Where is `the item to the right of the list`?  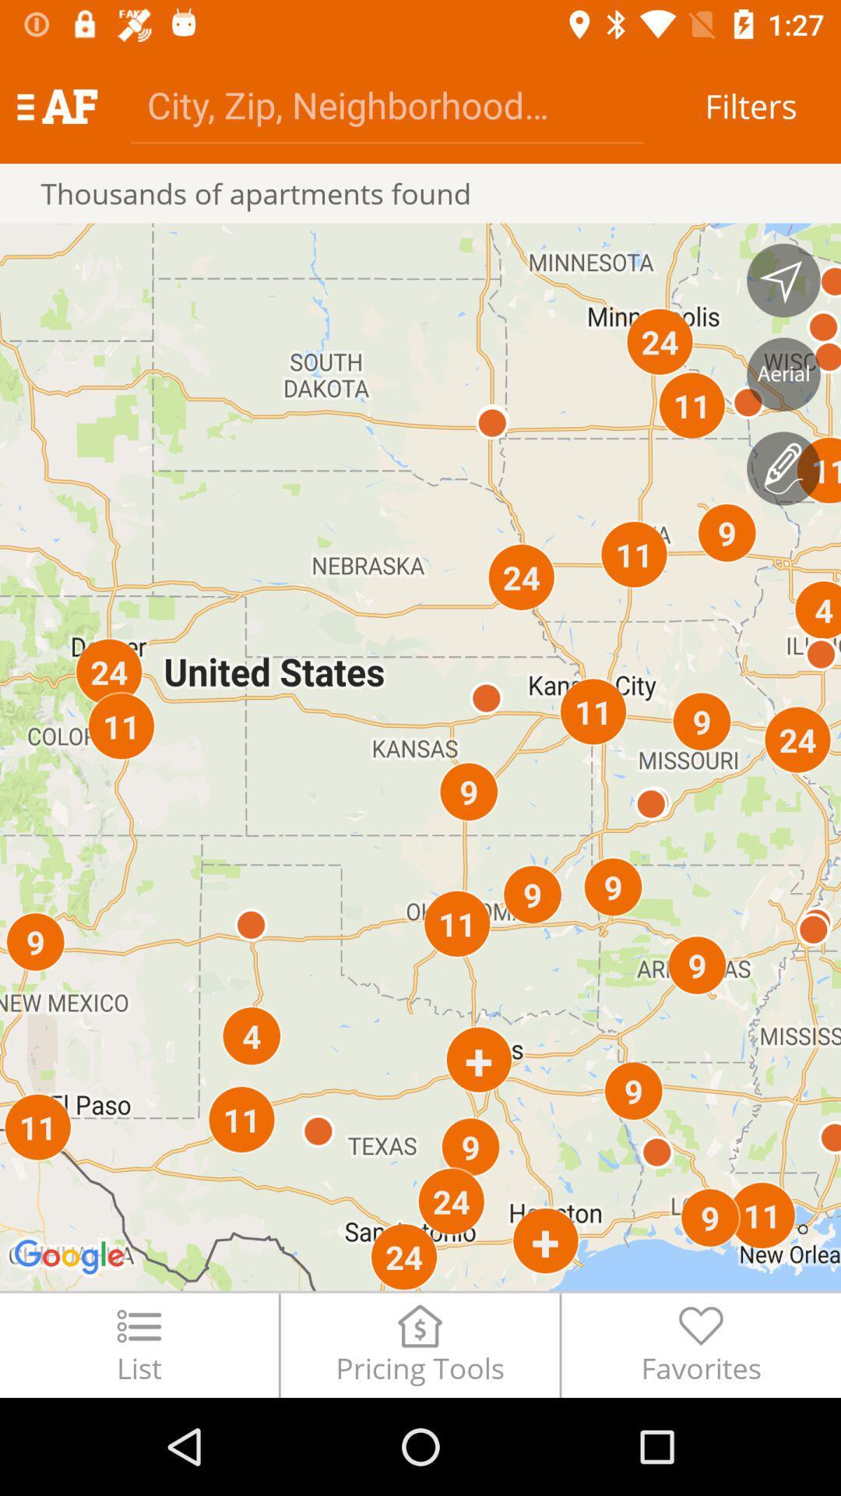 the item to the right of the list is located at coordinates (419, 1344).